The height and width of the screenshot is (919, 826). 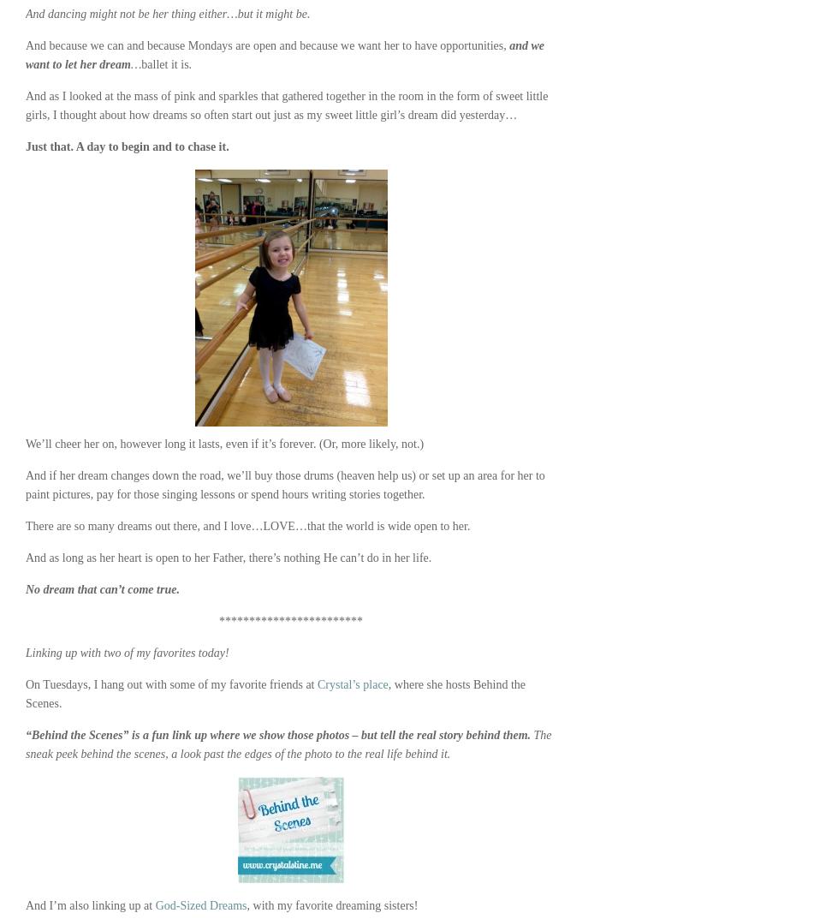 I want to click on 'And as long as her heart is open to her Father, there’s nothing He can’t do in her life.', so click(x=25, y=557).